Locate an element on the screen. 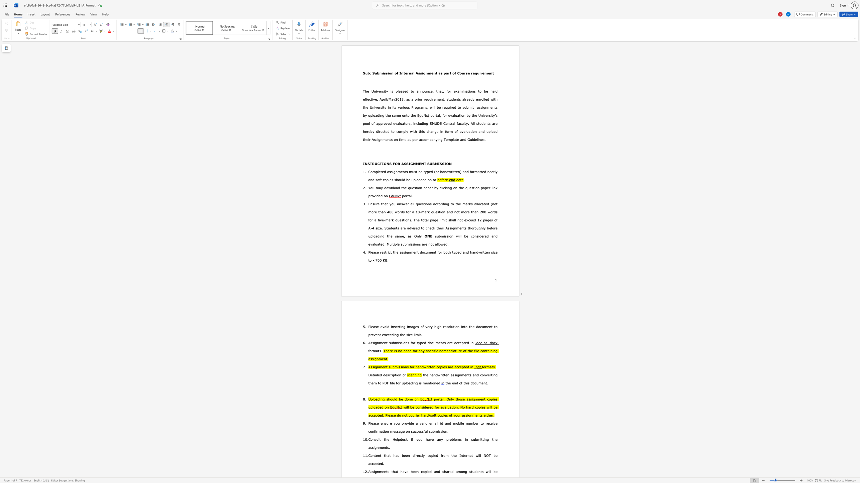  the subset text "Prog" within the text "already enrolled with the University in its various Programs," is located at coordinates (411, 107).